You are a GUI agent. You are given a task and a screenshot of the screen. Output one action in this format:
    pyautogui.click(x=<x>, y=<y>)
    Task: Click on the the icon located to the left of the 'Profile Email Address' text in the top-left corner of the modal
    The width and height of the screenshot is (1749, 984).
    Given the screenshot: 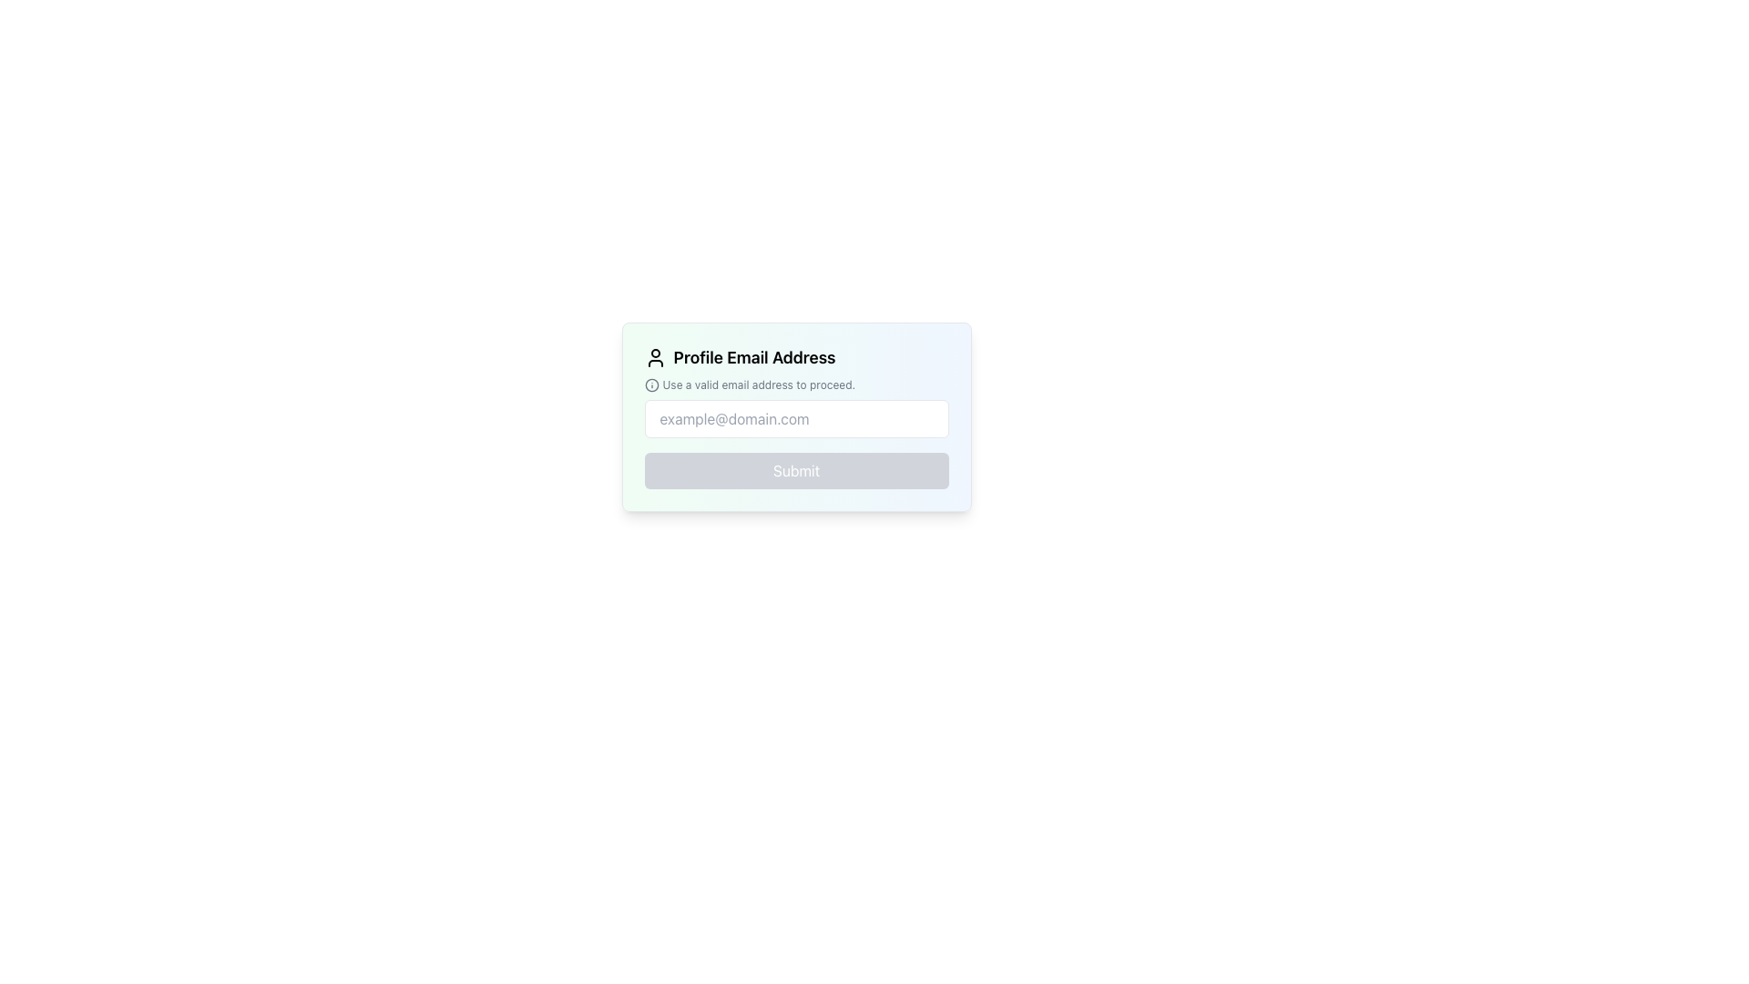 What is the action you would take?
    pyautogui.click(x=655, y=358)
    